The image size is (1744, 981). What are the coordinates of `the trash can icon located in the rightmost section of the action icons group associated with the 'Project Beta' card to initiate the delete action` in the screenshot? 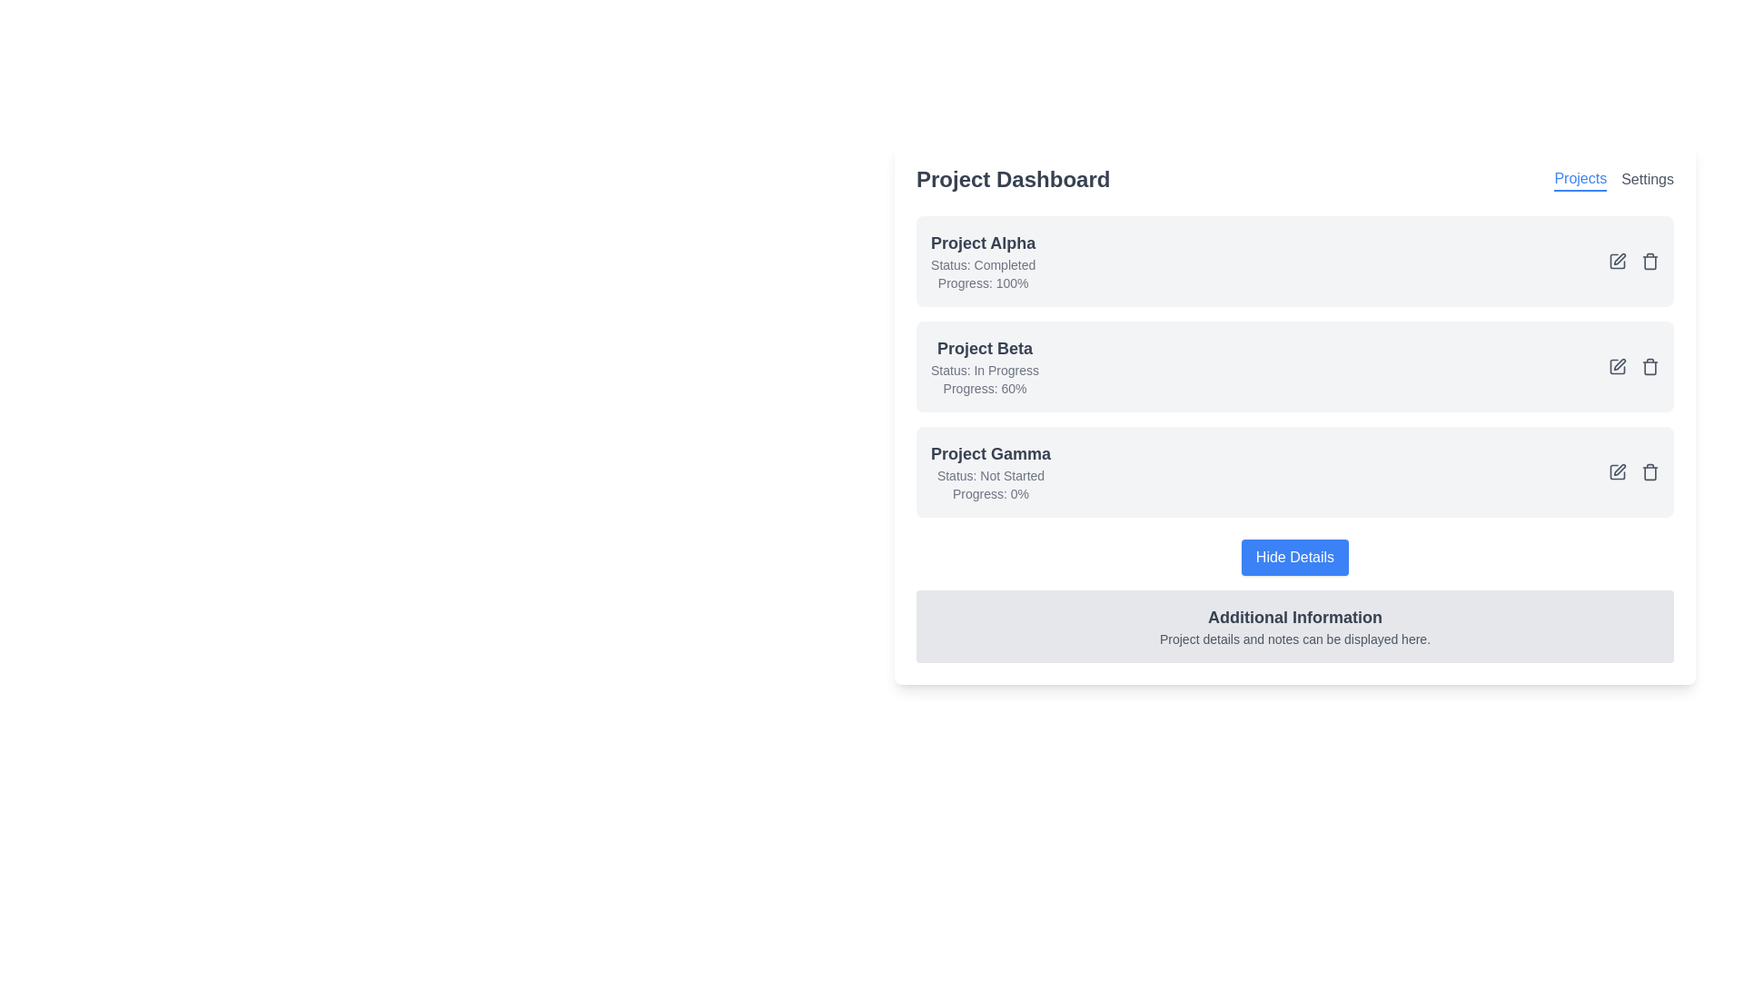 It's located at (1650, 367).